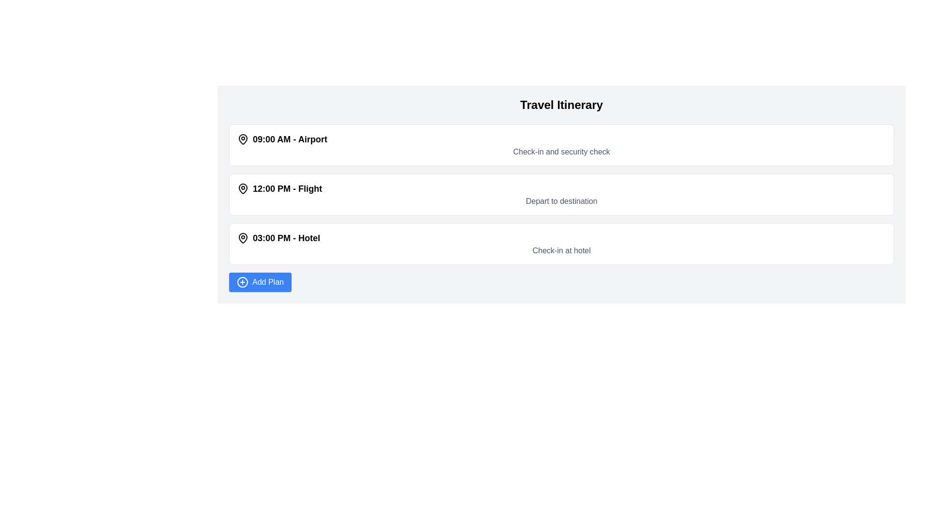  I want to click on the first Event Card in the Travel Itinerary section that displays a scheduled travel event with time, location, and description, so click(561, 145).